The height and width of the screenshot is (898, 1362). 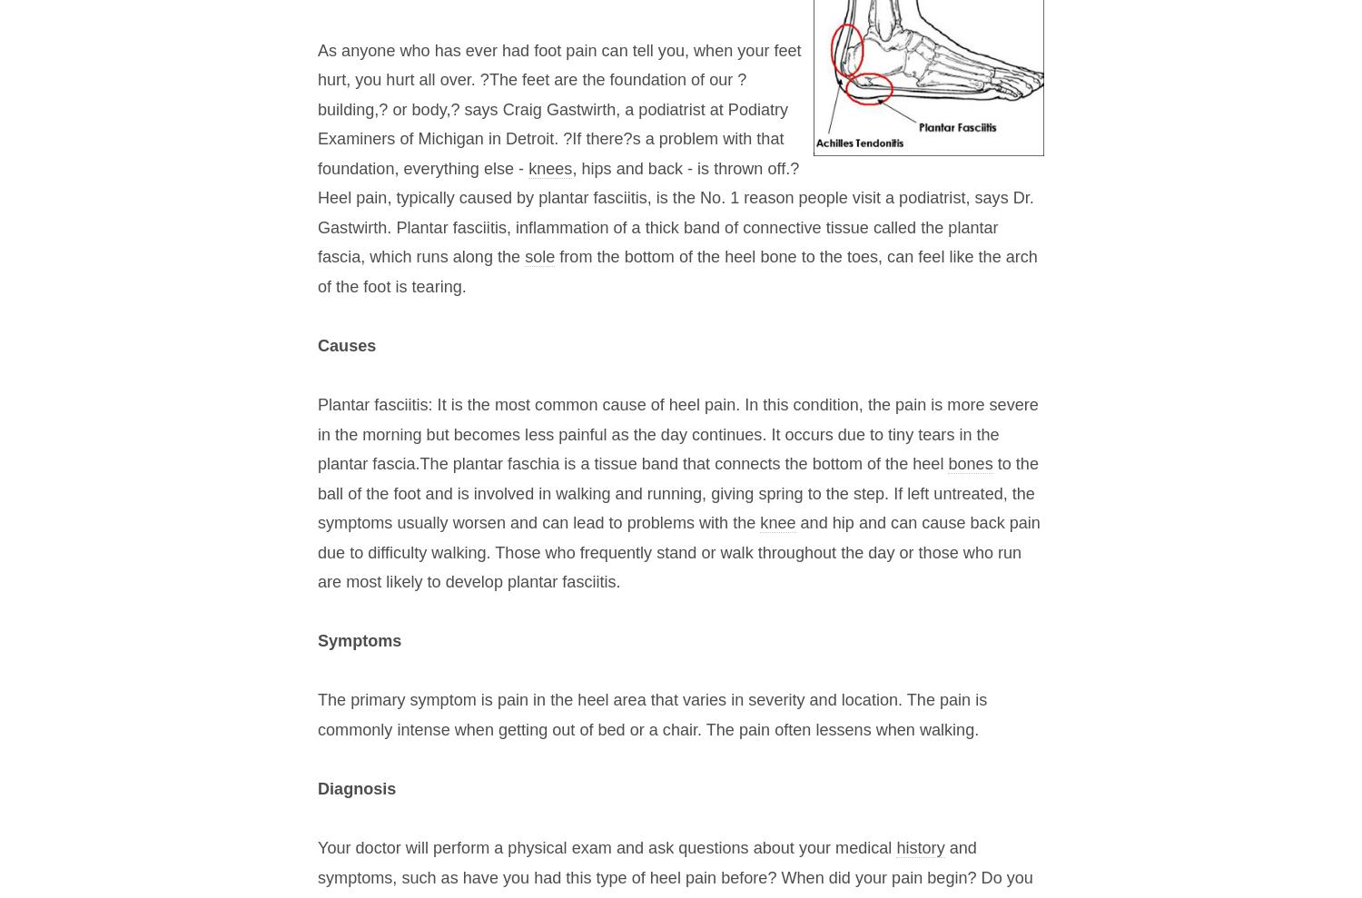 What do you see at coordinates (538, 256) in the screenshot?
I see `'sole'` at bounding box center [538, 256].